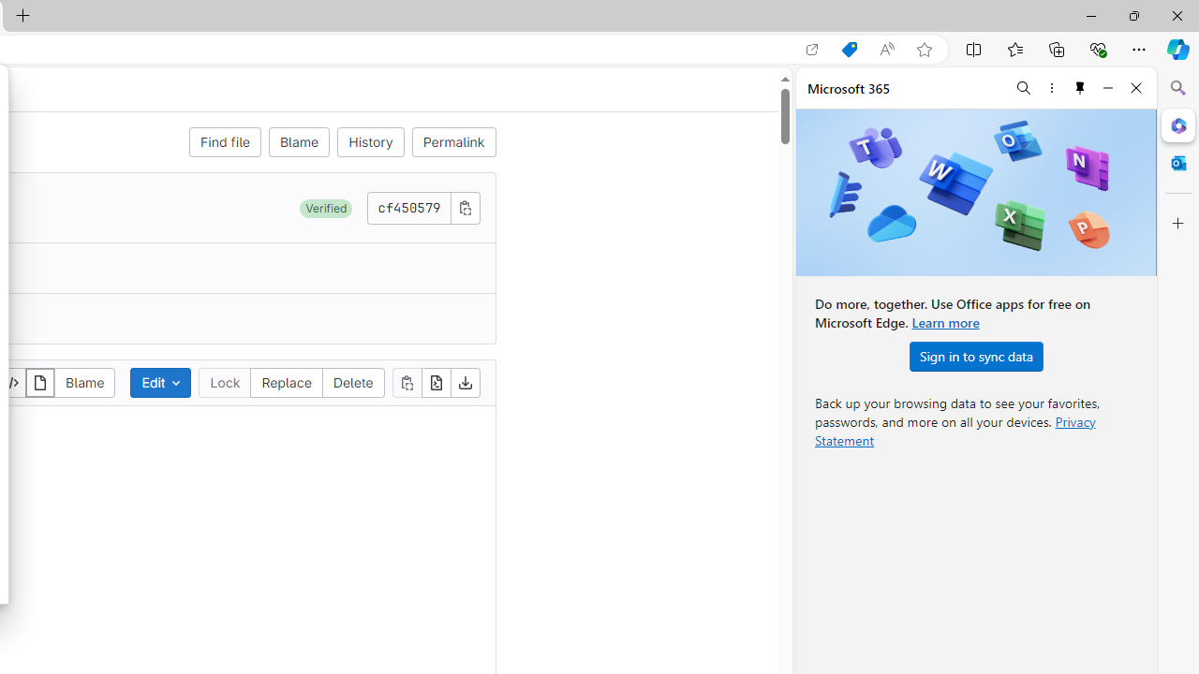  I want to click on 'Verified', so click(326, 208).